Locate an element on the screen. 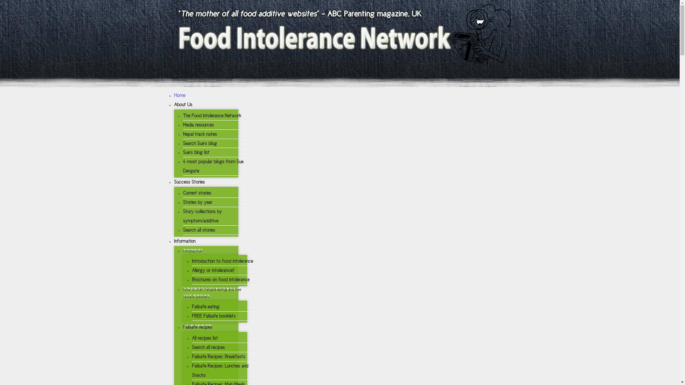 This screenshot has width=685, height=385. 'Failsafe eating' is located at coordinates (205, 306).